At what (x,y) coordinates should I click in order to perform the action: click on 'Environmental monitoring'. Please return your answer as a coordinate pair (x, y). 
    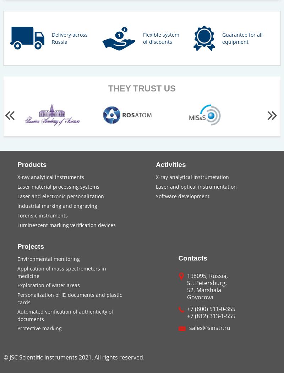
    Looking at the image, I should click on (49, 258).